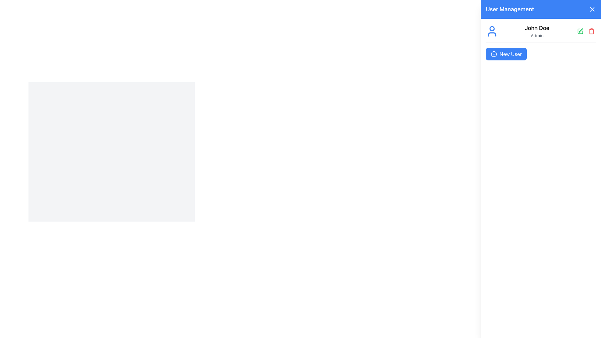  Describe the element at coordinates (581, 30) in the screenshot. I see `the small green circular icon with a pen or edit symbol, located in the top-right corner of the user details panel` at that location.